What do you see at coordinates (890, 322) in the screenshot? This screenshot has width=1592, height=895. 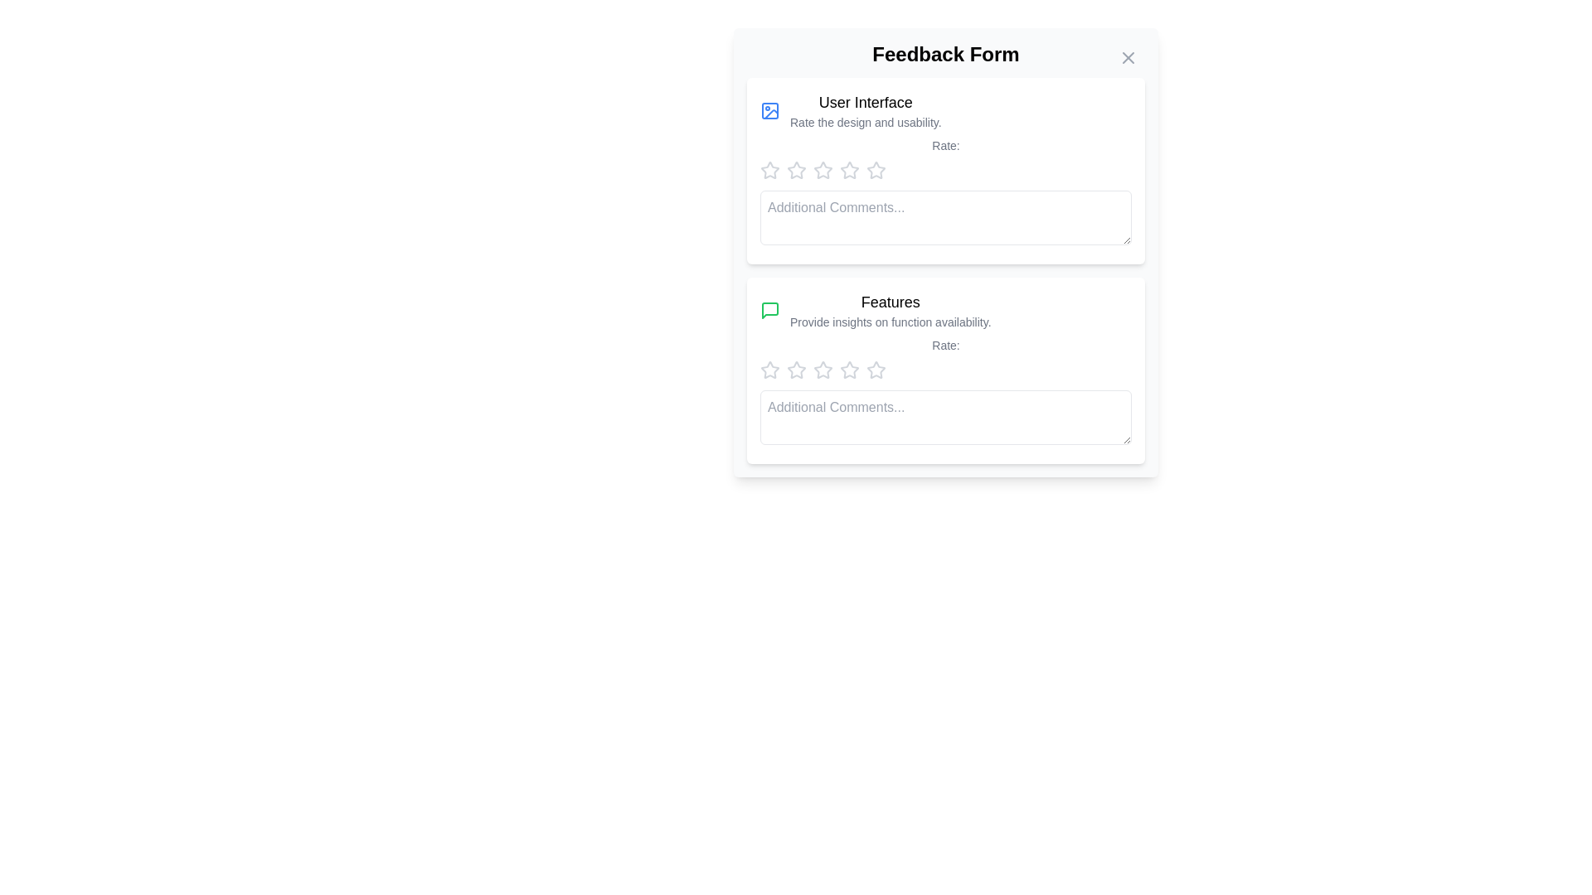 I see `instruction from the text label that says 'Provide insights on function availability.' located below the title 'Features' in the second feedback section of the form` at bounding box center [890, 322].